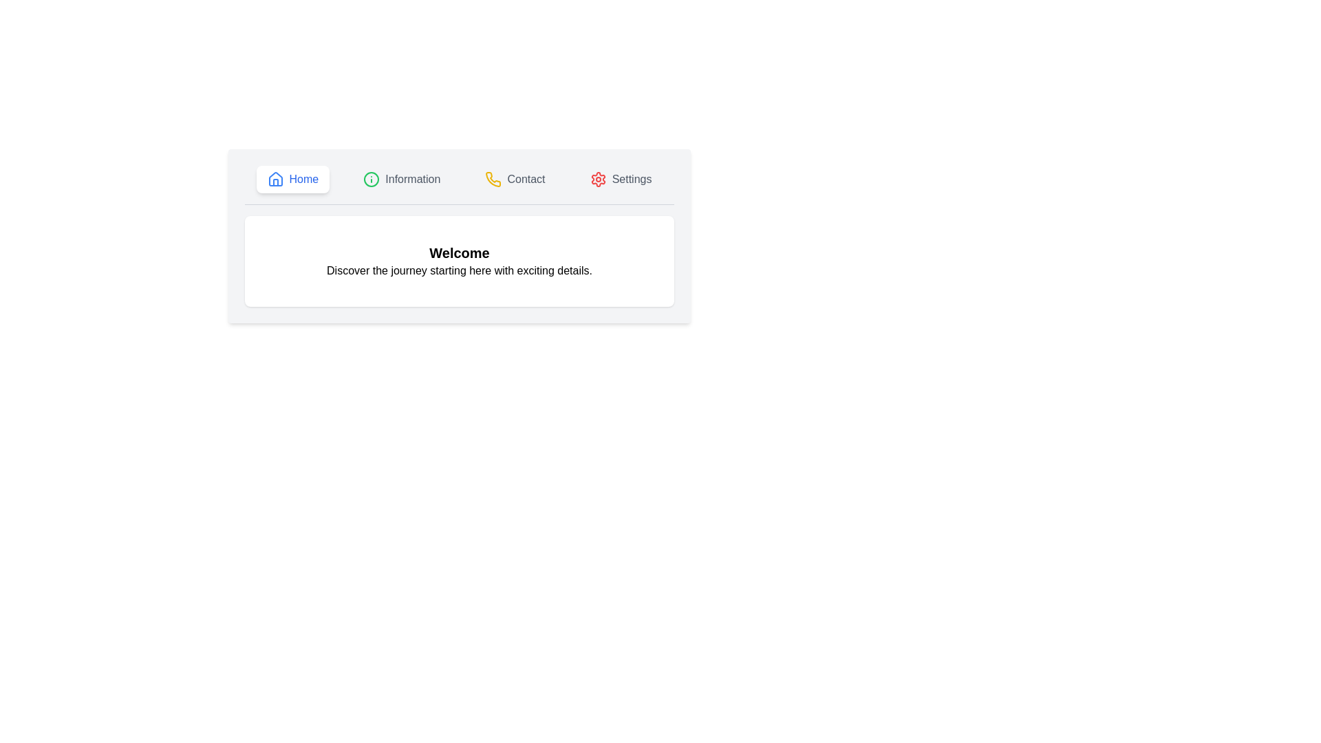 The image size is (1321, 743). Describe the element at coordinates (412, 179) in the screenshot. I see `the 'Information' text label in the navigation bar` at that location.